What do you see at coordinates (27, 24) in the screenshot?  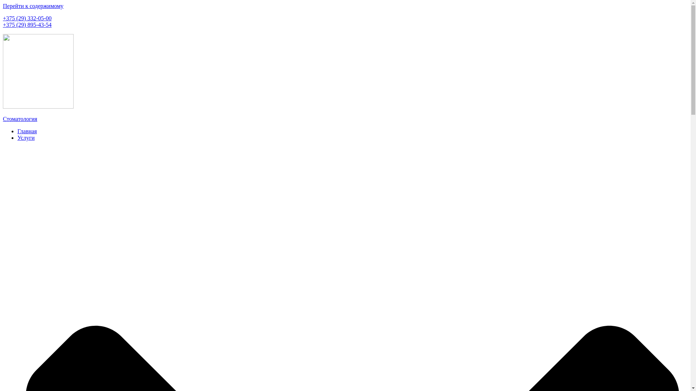 I see `'+375 (29) 895-43-54'` at bounding box center [27, 24].